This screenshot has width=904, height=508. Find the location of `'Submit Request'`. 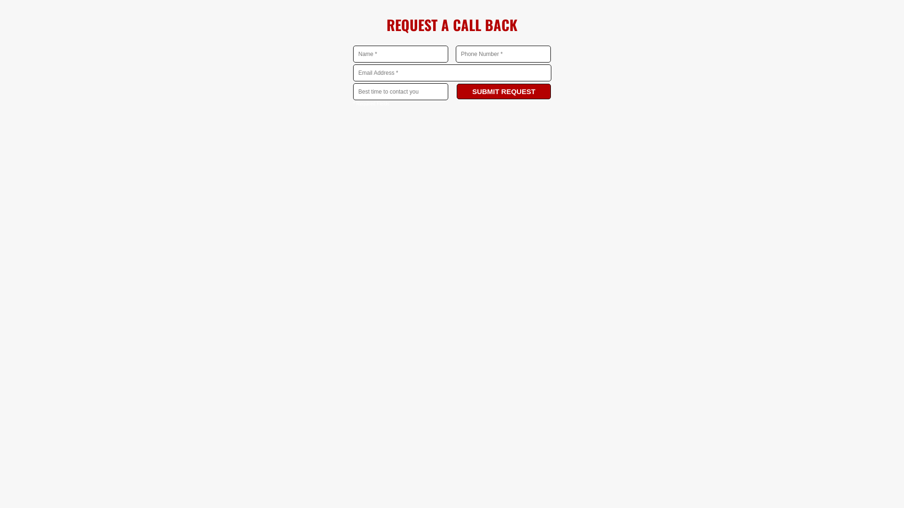

'Submit Request' is located at coordinates (456, 91).